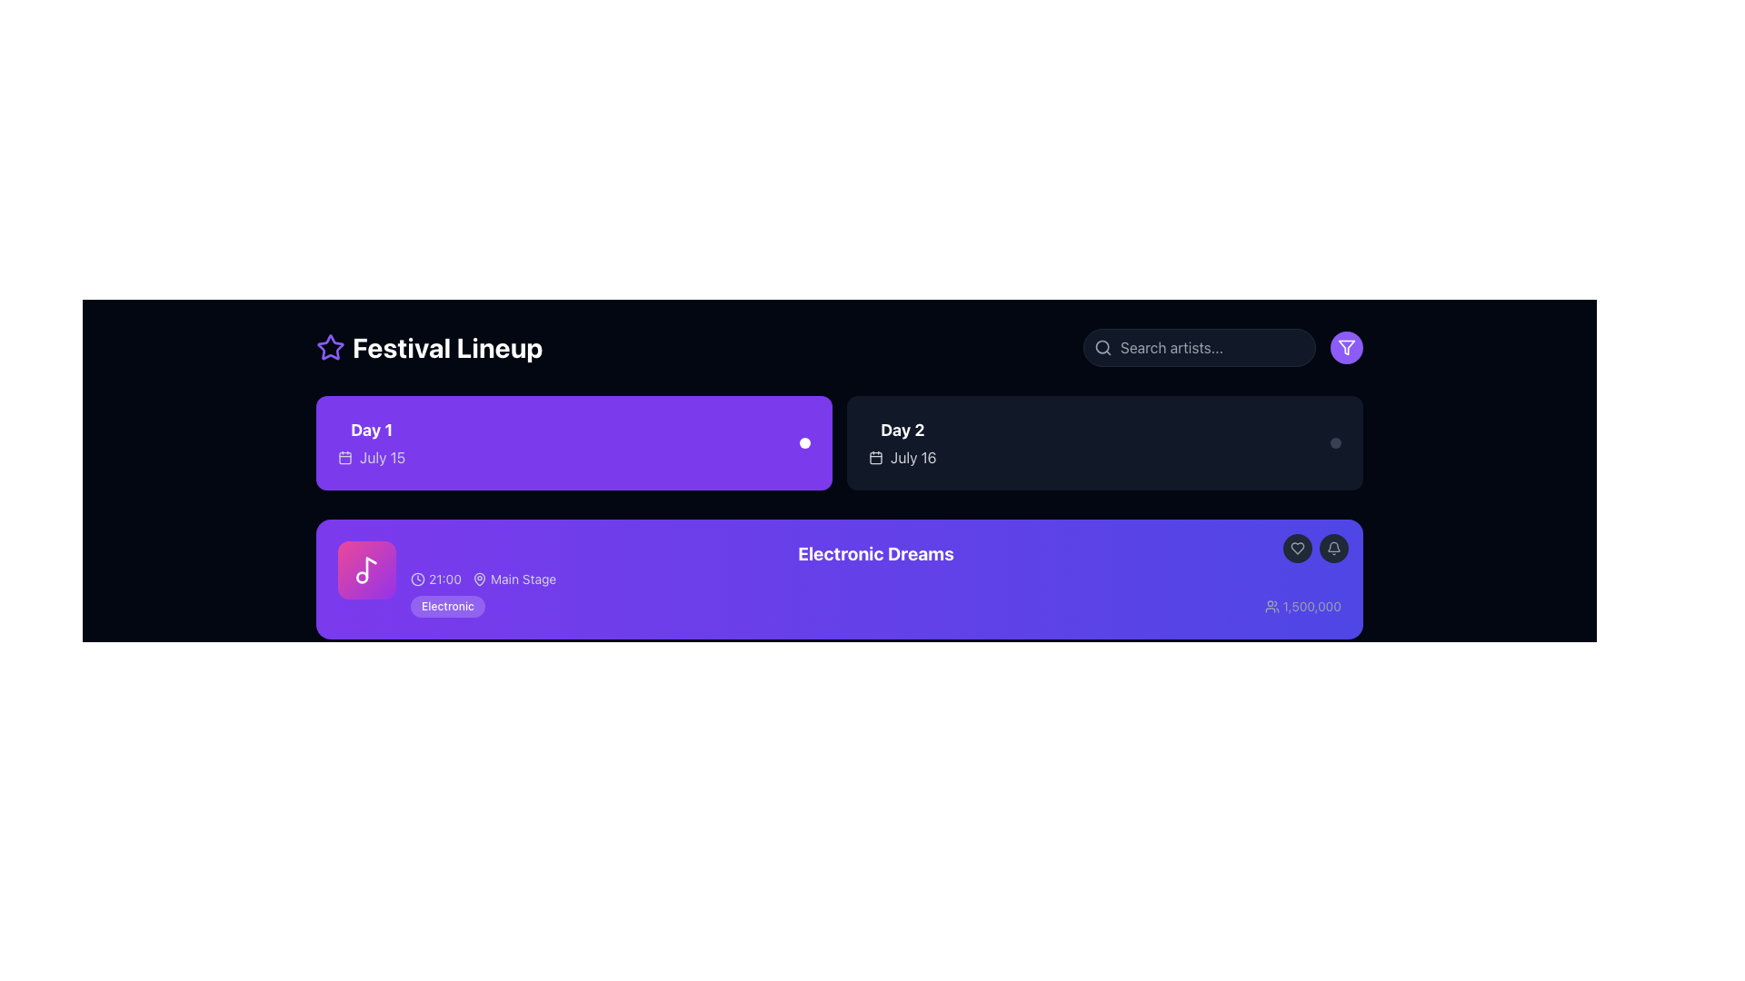 This screenshot has height=981, width=1745. Describe the element at coordinates (436, 579) in the screenshot. I see `the displayed time on the Time indicator, which shows the event time starting at 21:00 hours, located below the 'Day 1' section and to the left of the 'Main Stage' text` at that location.